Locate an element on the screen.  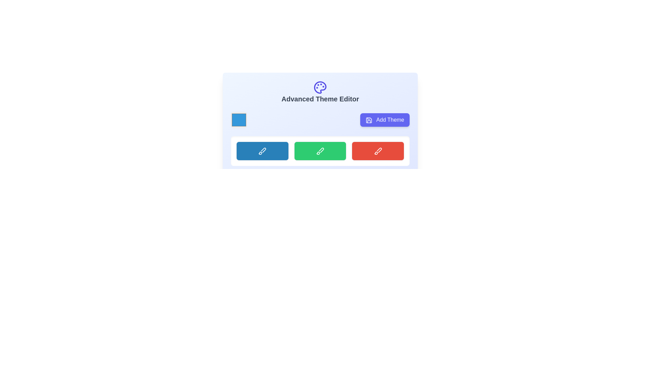
the save icon located at the top-right corner of the 'Add Theme' button is located at coordinates (368, 119).